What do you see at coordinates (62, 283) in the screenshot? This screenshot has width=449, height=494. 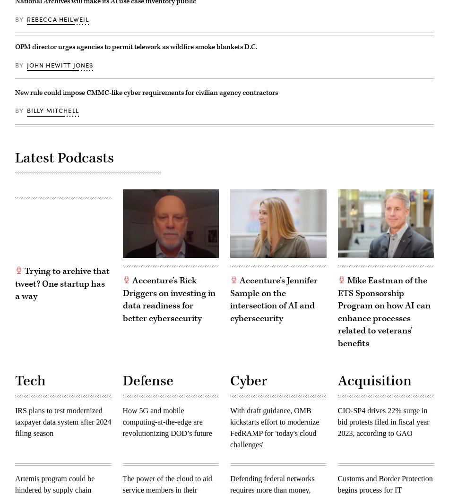 I see `'Trying to archive that tweet? One startup has a way'` at bounding box center [62, 283].